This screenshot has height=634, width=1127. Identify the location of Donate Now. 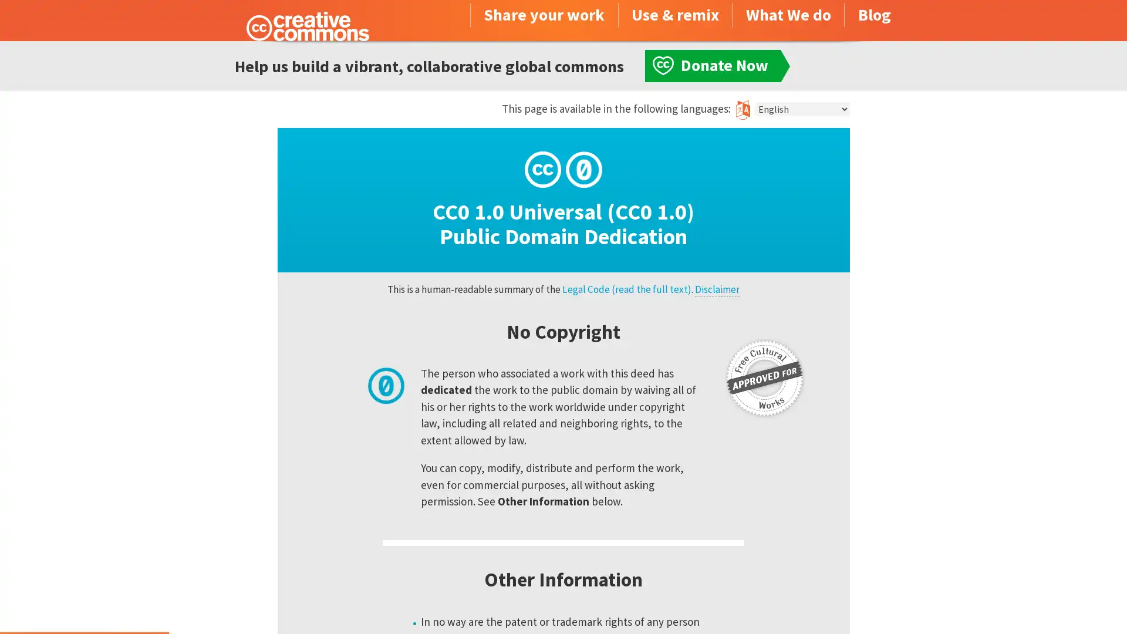
(84, 602).